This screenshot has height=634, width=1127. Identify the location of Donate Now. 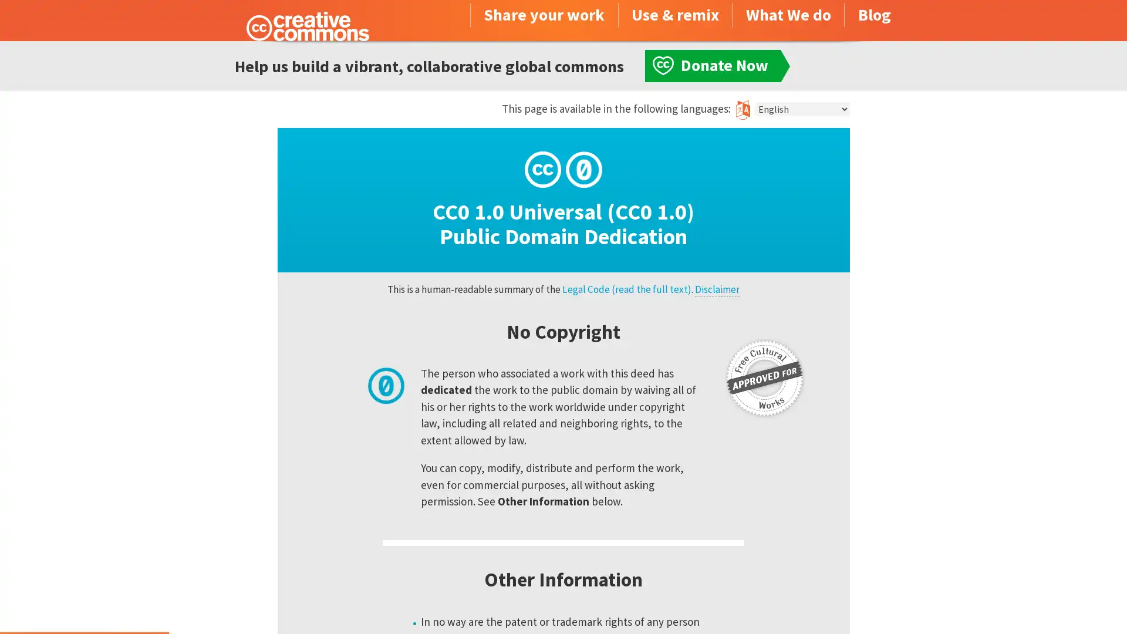
(84, 602).